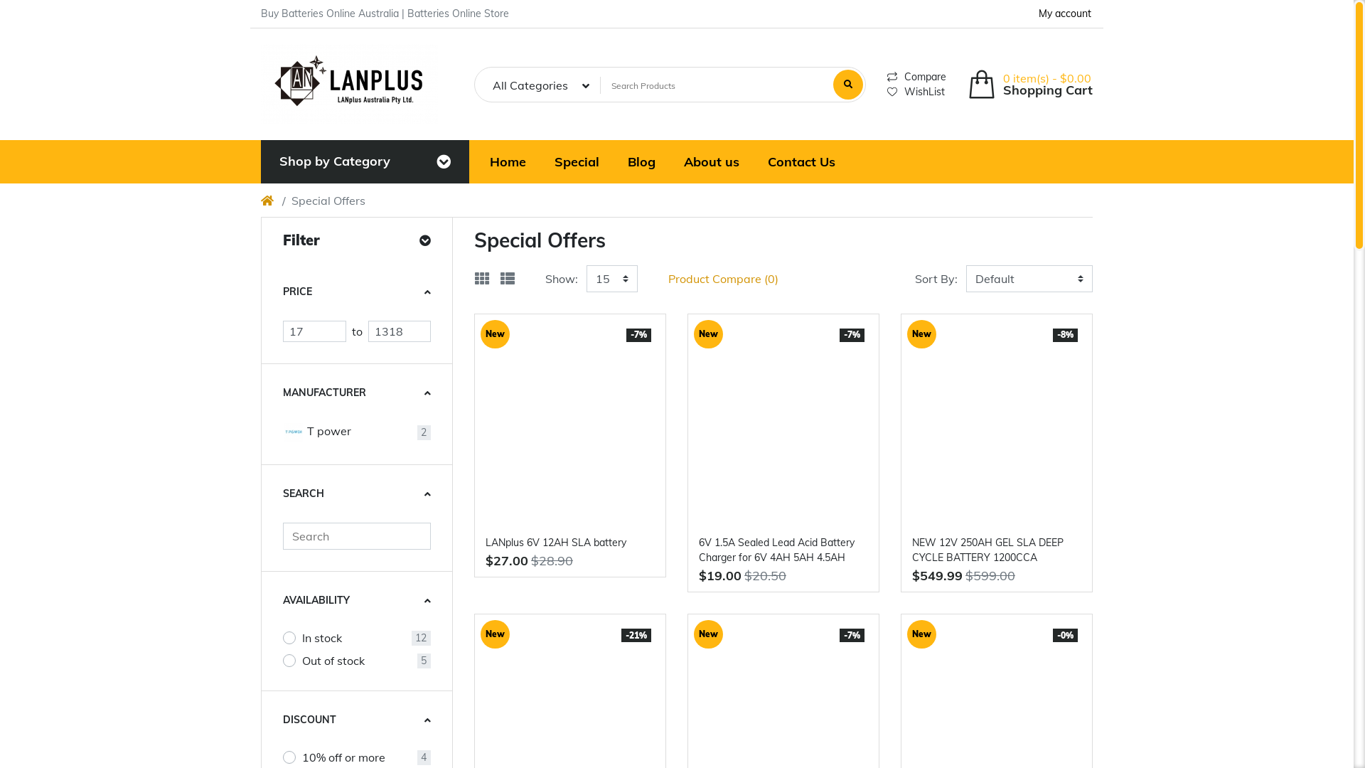 The width and height of the screenshot is (1365, 768). Describe the element at coordinates (601, 600) in the screenshot. I see `'Compare this Product'` at that location.